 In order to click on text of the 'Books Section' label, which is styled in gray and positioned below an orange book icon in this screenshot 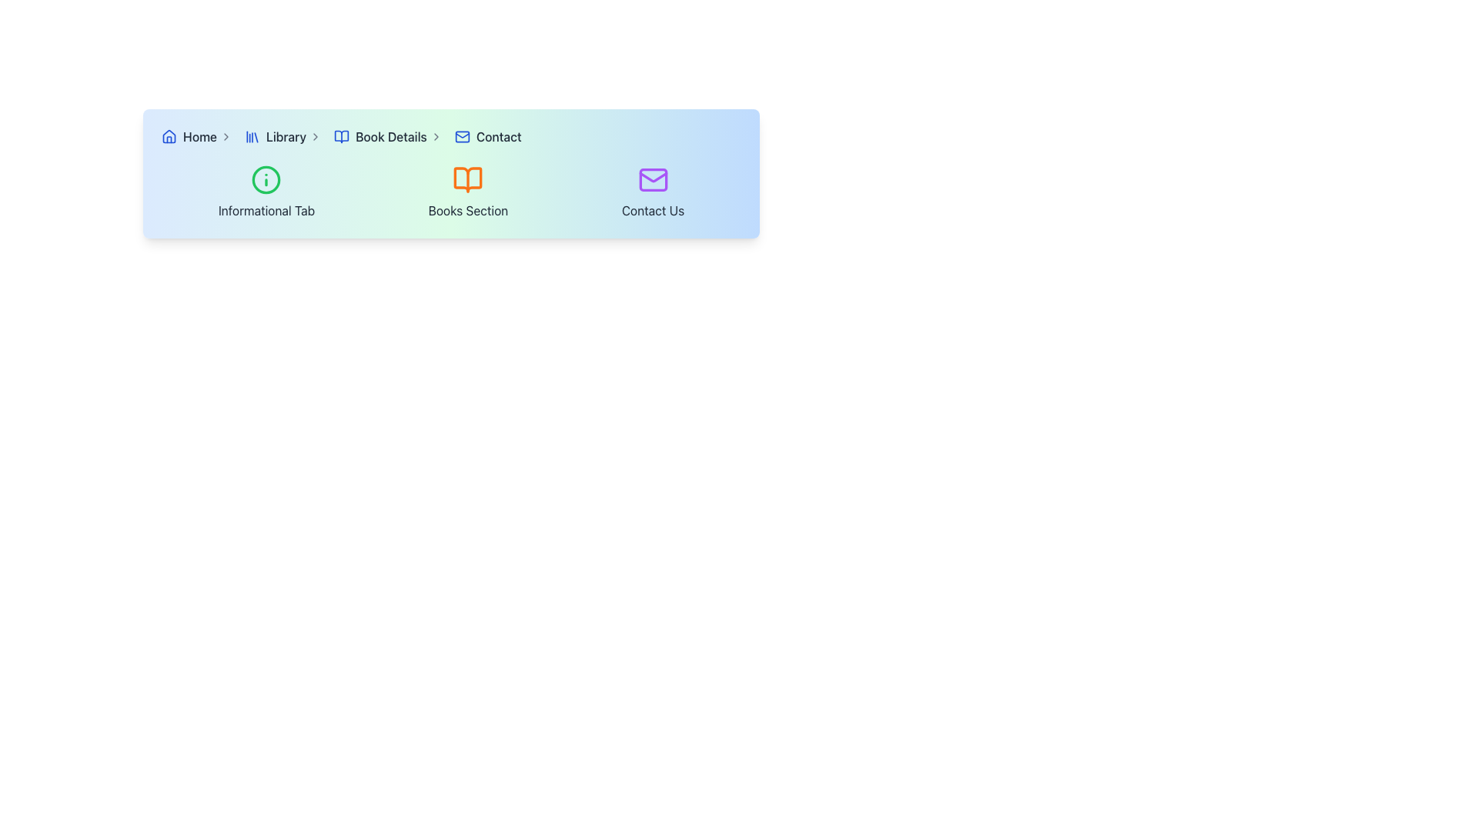, I will do `click(467, 210)`.